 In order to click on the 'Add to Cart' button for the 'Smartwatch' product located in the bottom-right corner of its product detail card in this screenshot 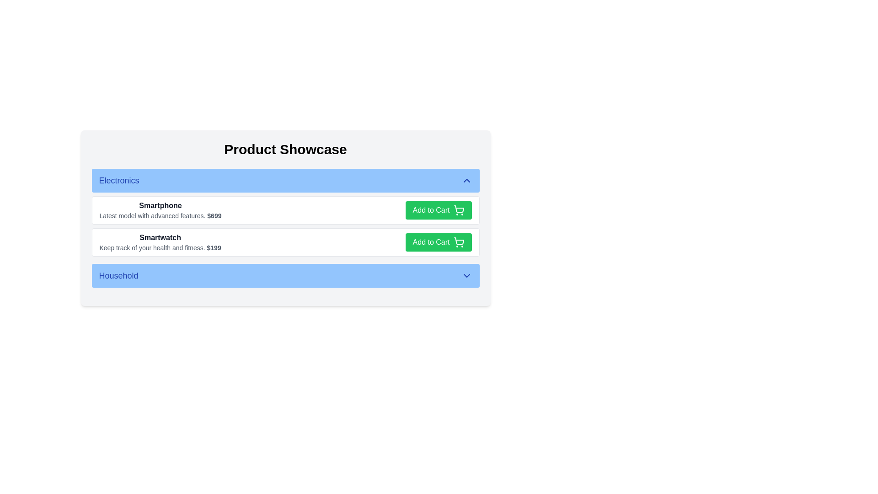, I will do `click(438, 242)`.